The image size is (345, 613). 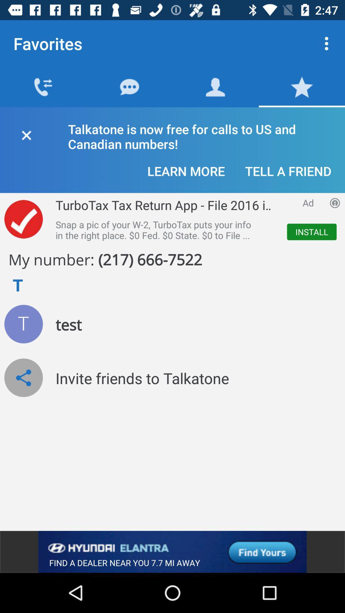 I want to click on advertisement, so click(x=172, y=551).